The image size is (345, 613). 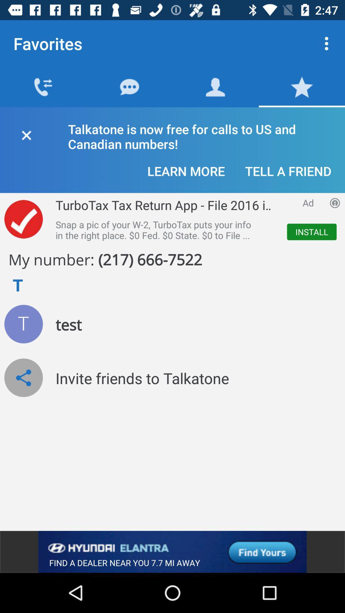 I want to click on advertisement, so click(x=172, y=551).